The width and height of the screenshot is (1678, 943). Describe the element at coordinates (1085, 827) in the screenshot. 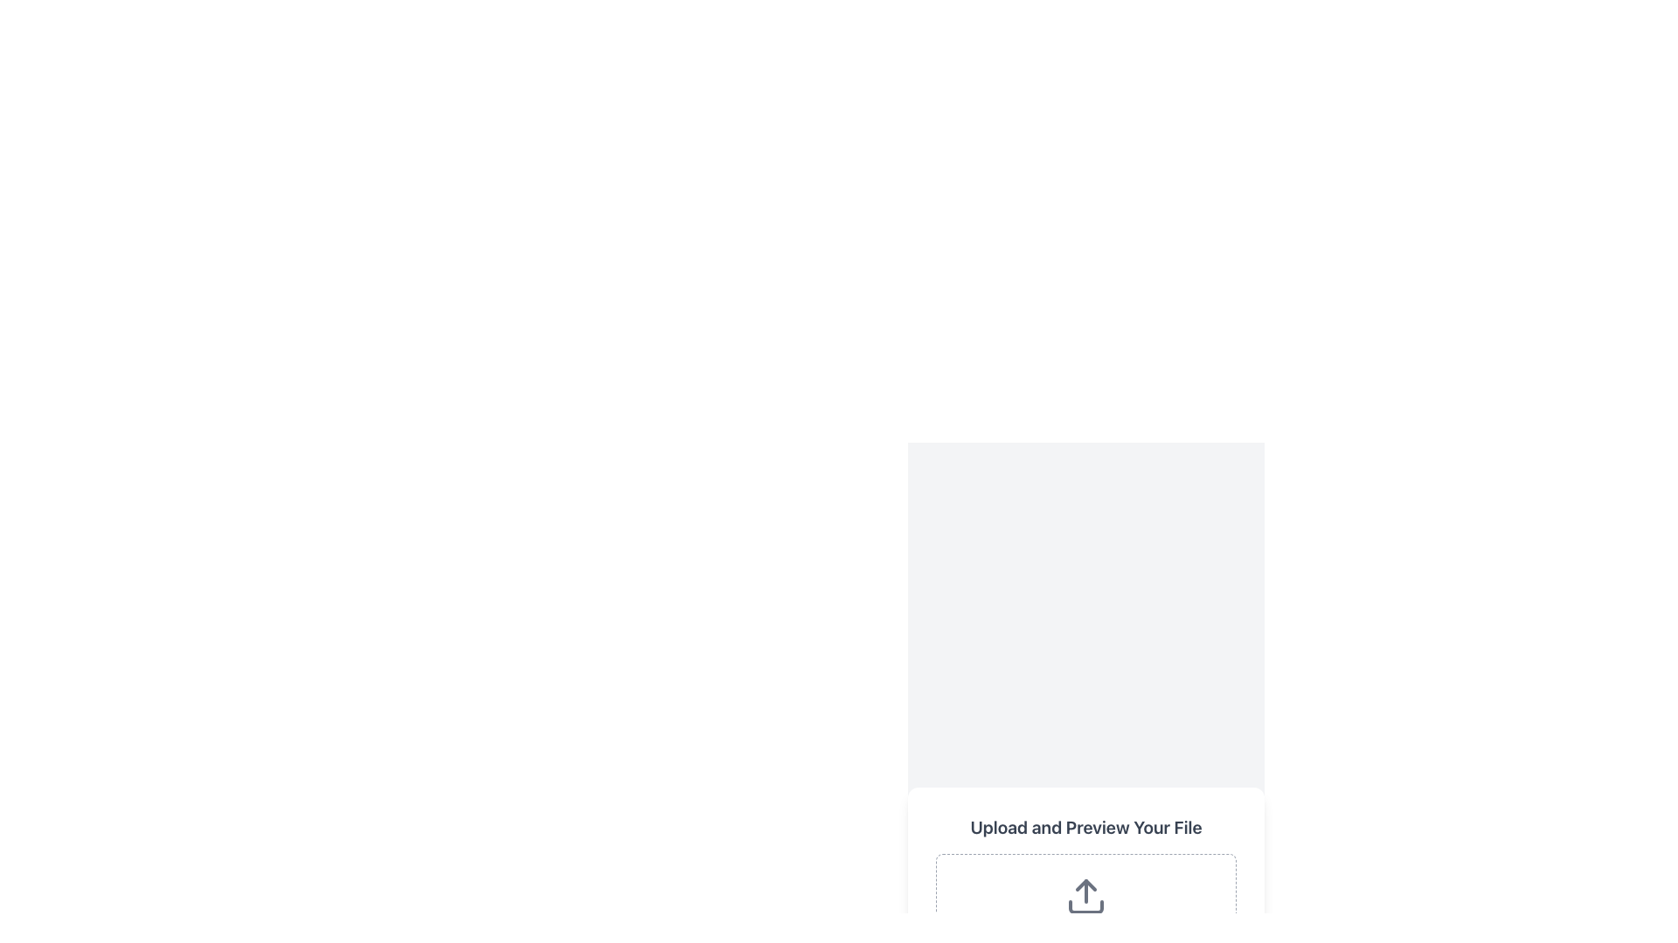

I see `the static text label reading 'Upload and Preview Your File', which is styled in bold dark gray and positioned in the top section of the file upload area` at that location.